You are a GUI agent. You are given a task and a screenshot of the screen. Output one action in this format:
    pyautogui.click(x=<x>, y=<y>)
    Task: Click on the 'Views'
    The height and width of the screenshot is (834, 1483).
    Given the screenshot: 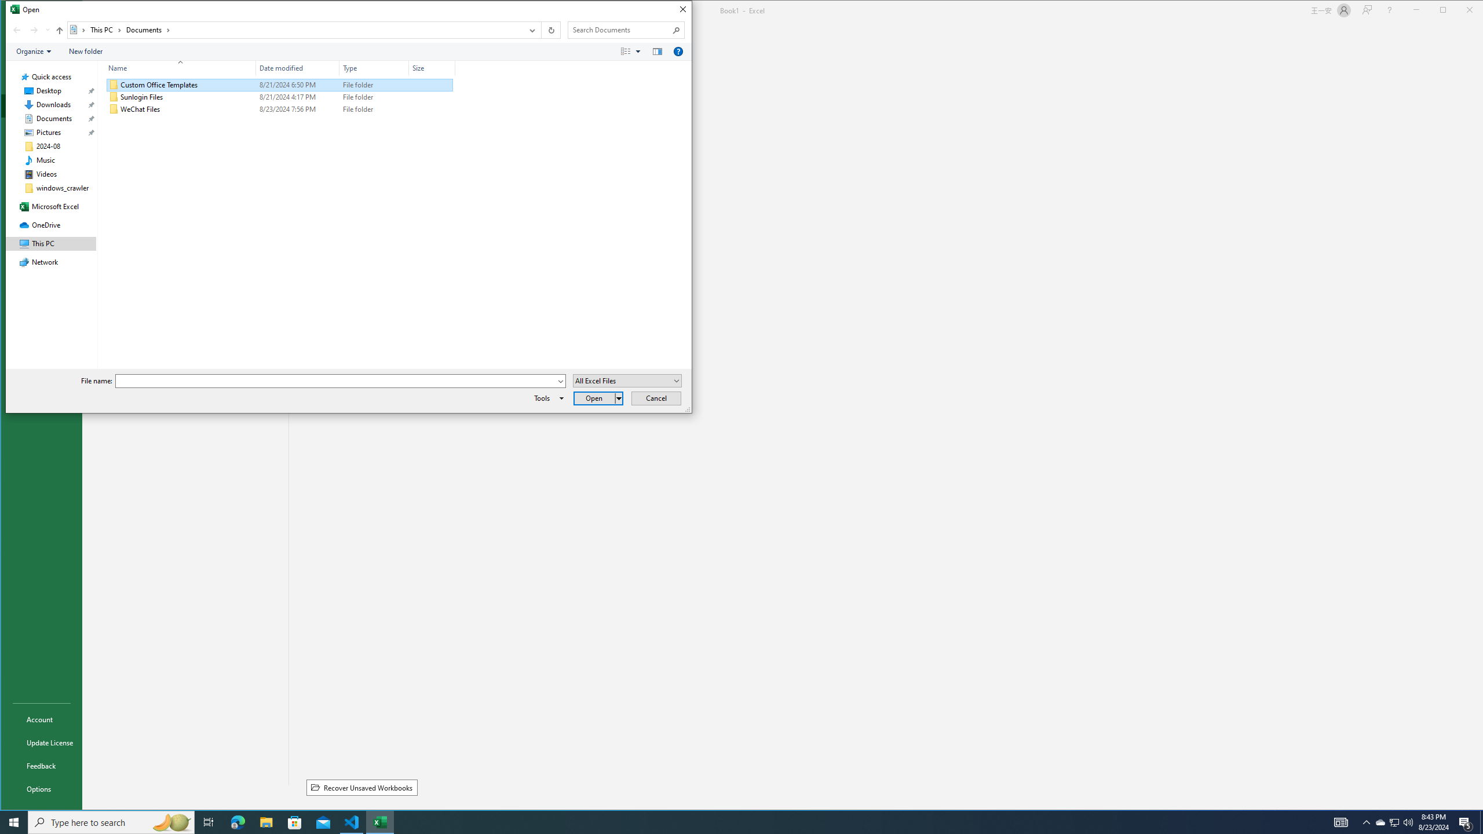 What is the action you would take?
    pyautogui.click(x=633, y=51)
    